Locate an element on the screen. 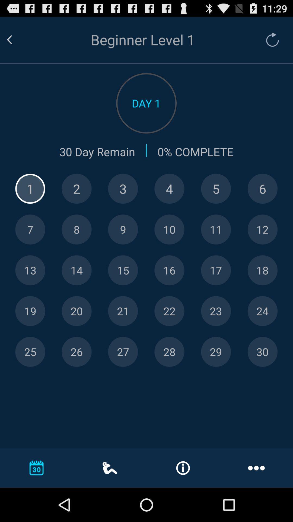 The image size is (293, 522). day twenty-six is located at coordinates (77, 352).